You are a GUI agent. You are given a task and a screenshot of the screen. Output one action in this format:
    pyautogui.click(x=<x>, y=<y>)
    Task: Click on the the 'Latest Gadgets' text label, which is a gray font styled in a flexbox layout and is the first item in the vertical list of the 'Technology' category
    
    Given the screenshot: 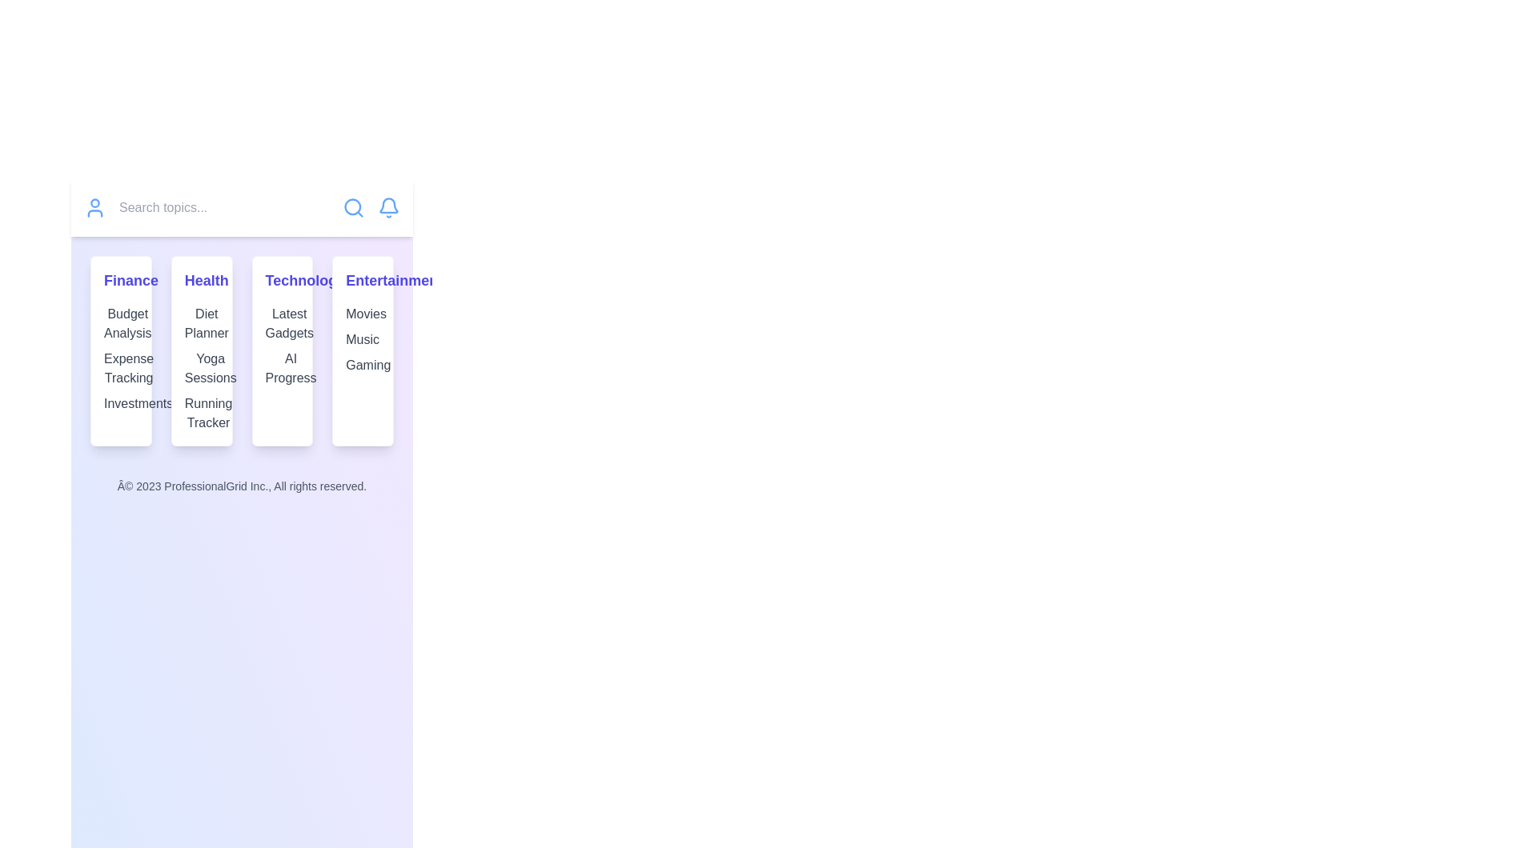 What is the action you would take?
    pyautogui.click(x=282, y=324)
    